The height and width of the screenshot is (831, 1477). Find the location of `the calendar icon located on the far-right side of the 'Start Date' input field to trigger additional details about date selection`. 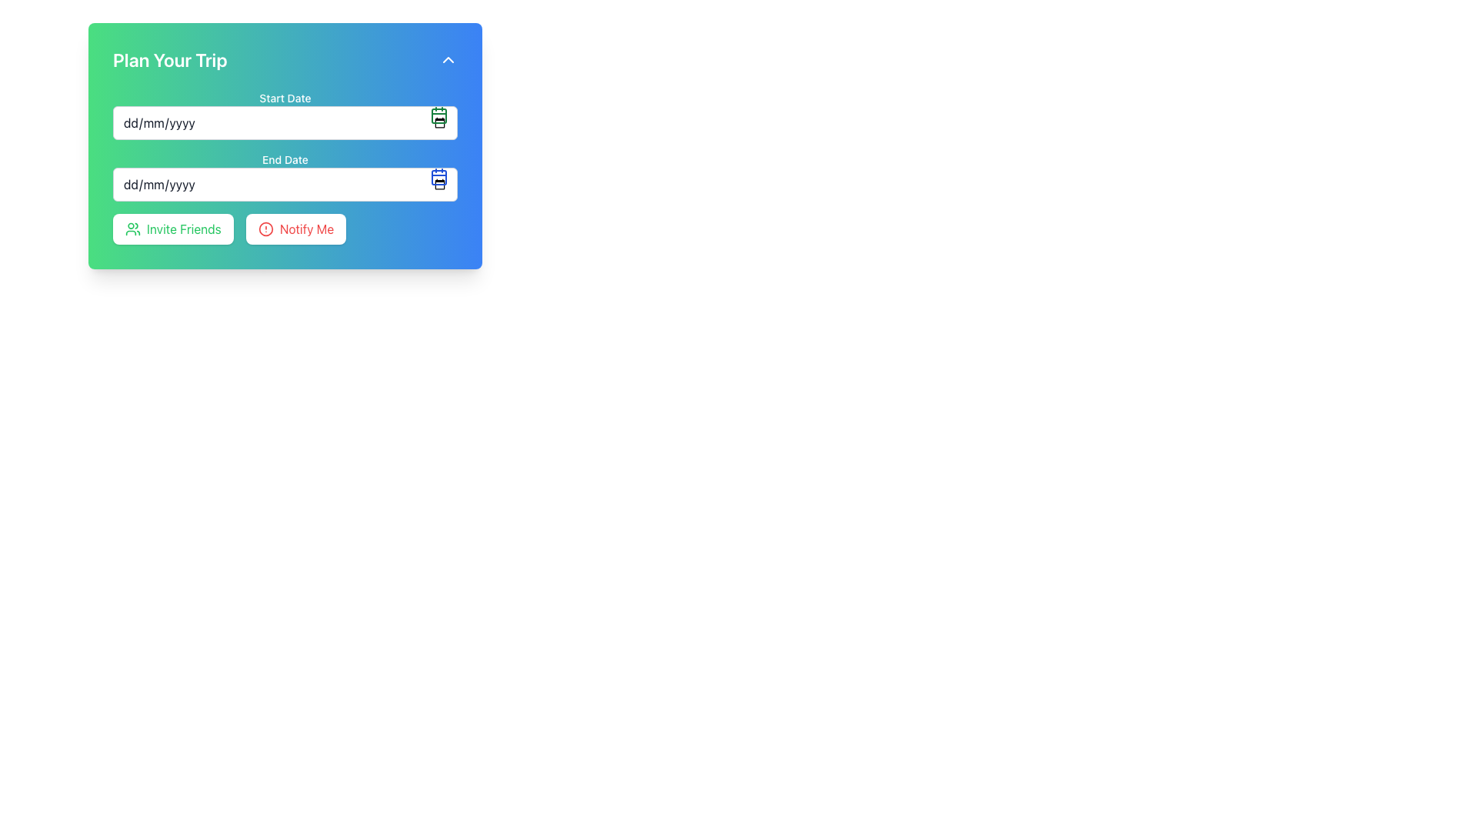

the calendar icon located on the far-right side of the 'Start Date' input field to trigger additional details about date selection is located at coordinates (438, 115).